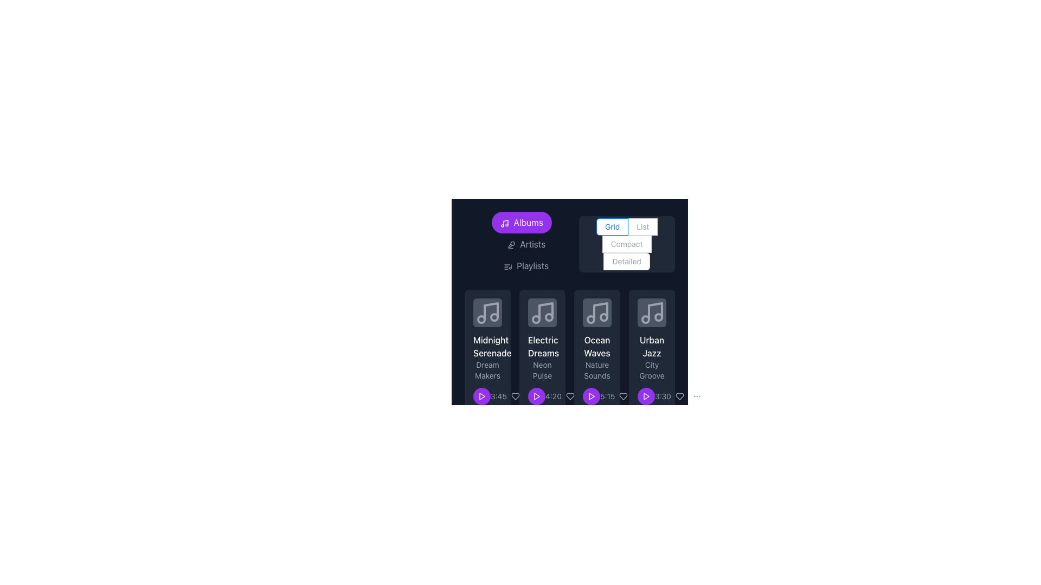 Image resolution: width=1041 pixels, height=585 pixels. What do you see at coordinates (536, 396) in the screenshot?
I see `the second play button from the left, which is a triangular white play icon inside a rounded purple button` at bounding box center [536, 396].